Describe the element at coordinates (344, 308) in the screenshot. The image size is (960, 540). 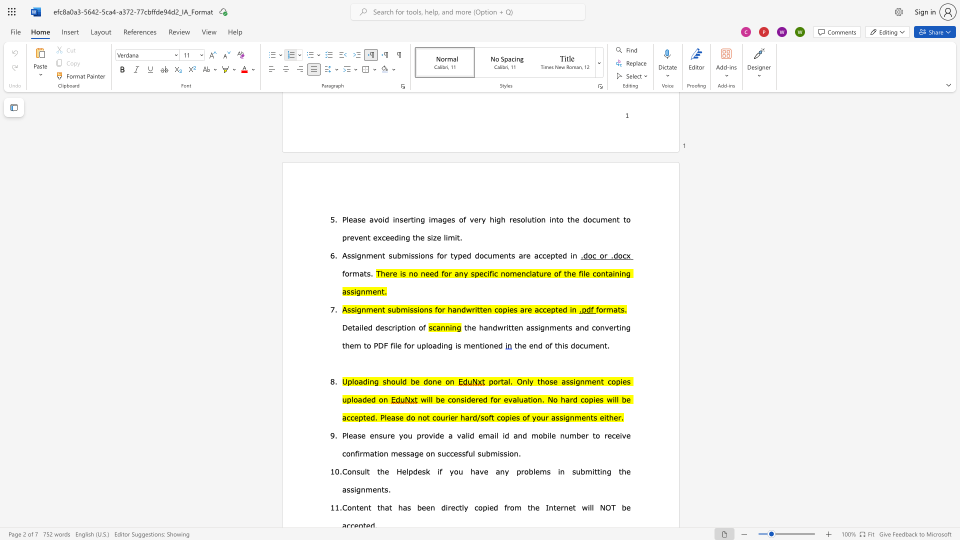
I see `the 1th character "A" in the text` at that location.